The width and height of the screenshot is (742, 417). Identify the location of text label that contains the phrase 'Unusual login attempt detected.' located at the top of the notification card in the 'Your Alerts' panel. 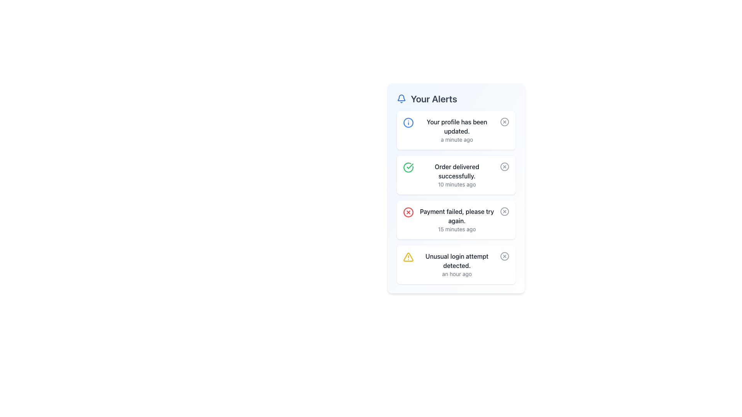
(457, 261).